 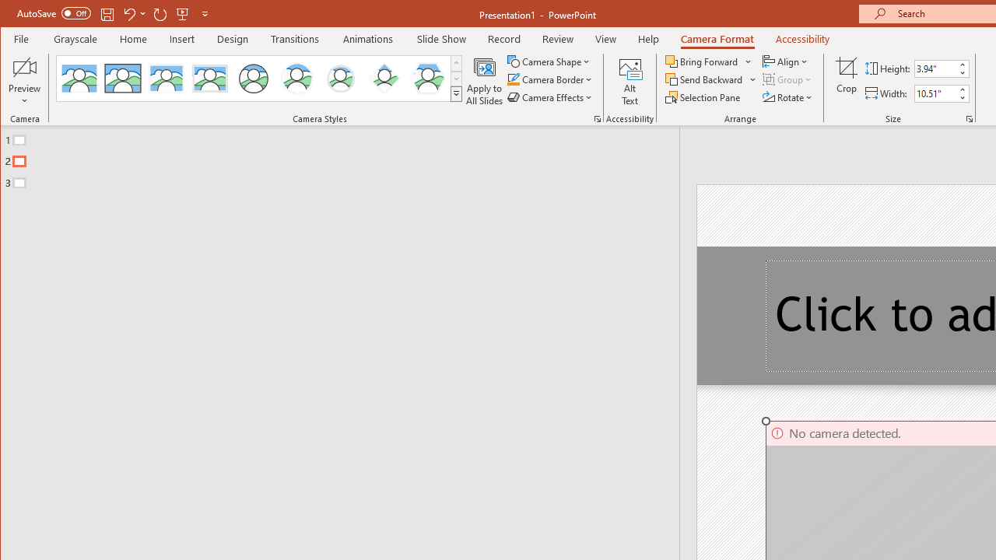 I want to click on 'Quick Access Toolbar', so click(x=113, y=14).